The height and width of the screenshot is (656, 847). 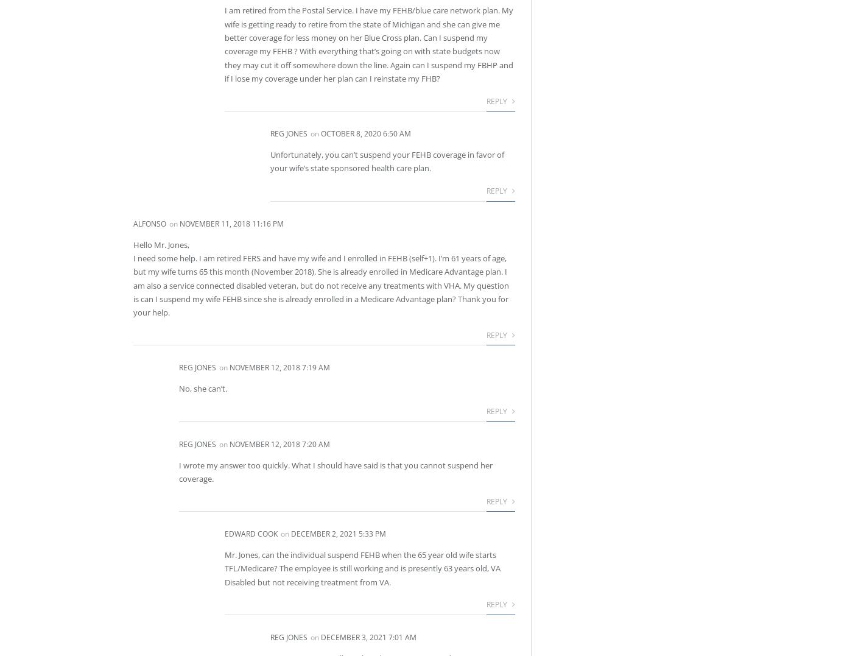 What do you see at coordinates (321, 284) in the screenshot?
I see `'I need some help.  I am retired FERS and have my wife and I enrolled in FEHB (self+1).  I’m 61 years of age, but my wife turns 65 this month (November 2018).   She is already enrolled in Medicare Advantage plan.  I am also a service connected disabled veteran, but do not receive any treatments with VHA.  My question is can I suspend my wife FEHB since she is already enrolled in a Medicare Advantage plan?   Thank you for your help.'` at bounding box center [321, 284].